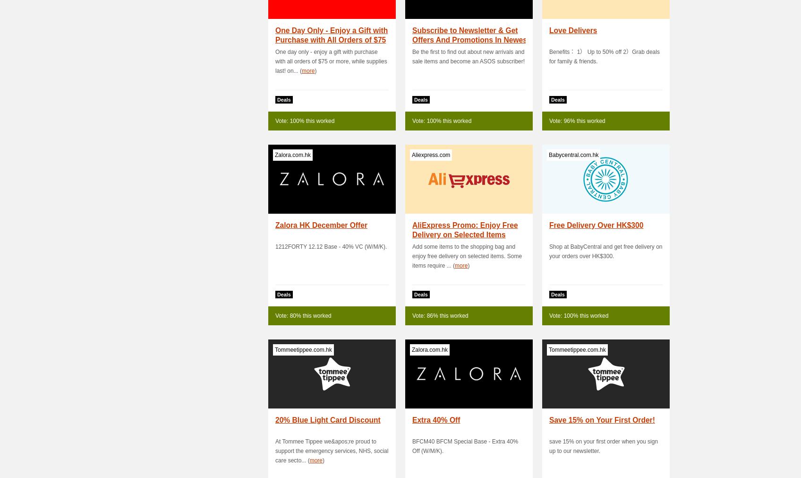 This screenshot has width=801, height=478. I want to click on 'Benefits： 1） Up to 50% off 2）Grab deals for family & friends.', so click(604, 56).